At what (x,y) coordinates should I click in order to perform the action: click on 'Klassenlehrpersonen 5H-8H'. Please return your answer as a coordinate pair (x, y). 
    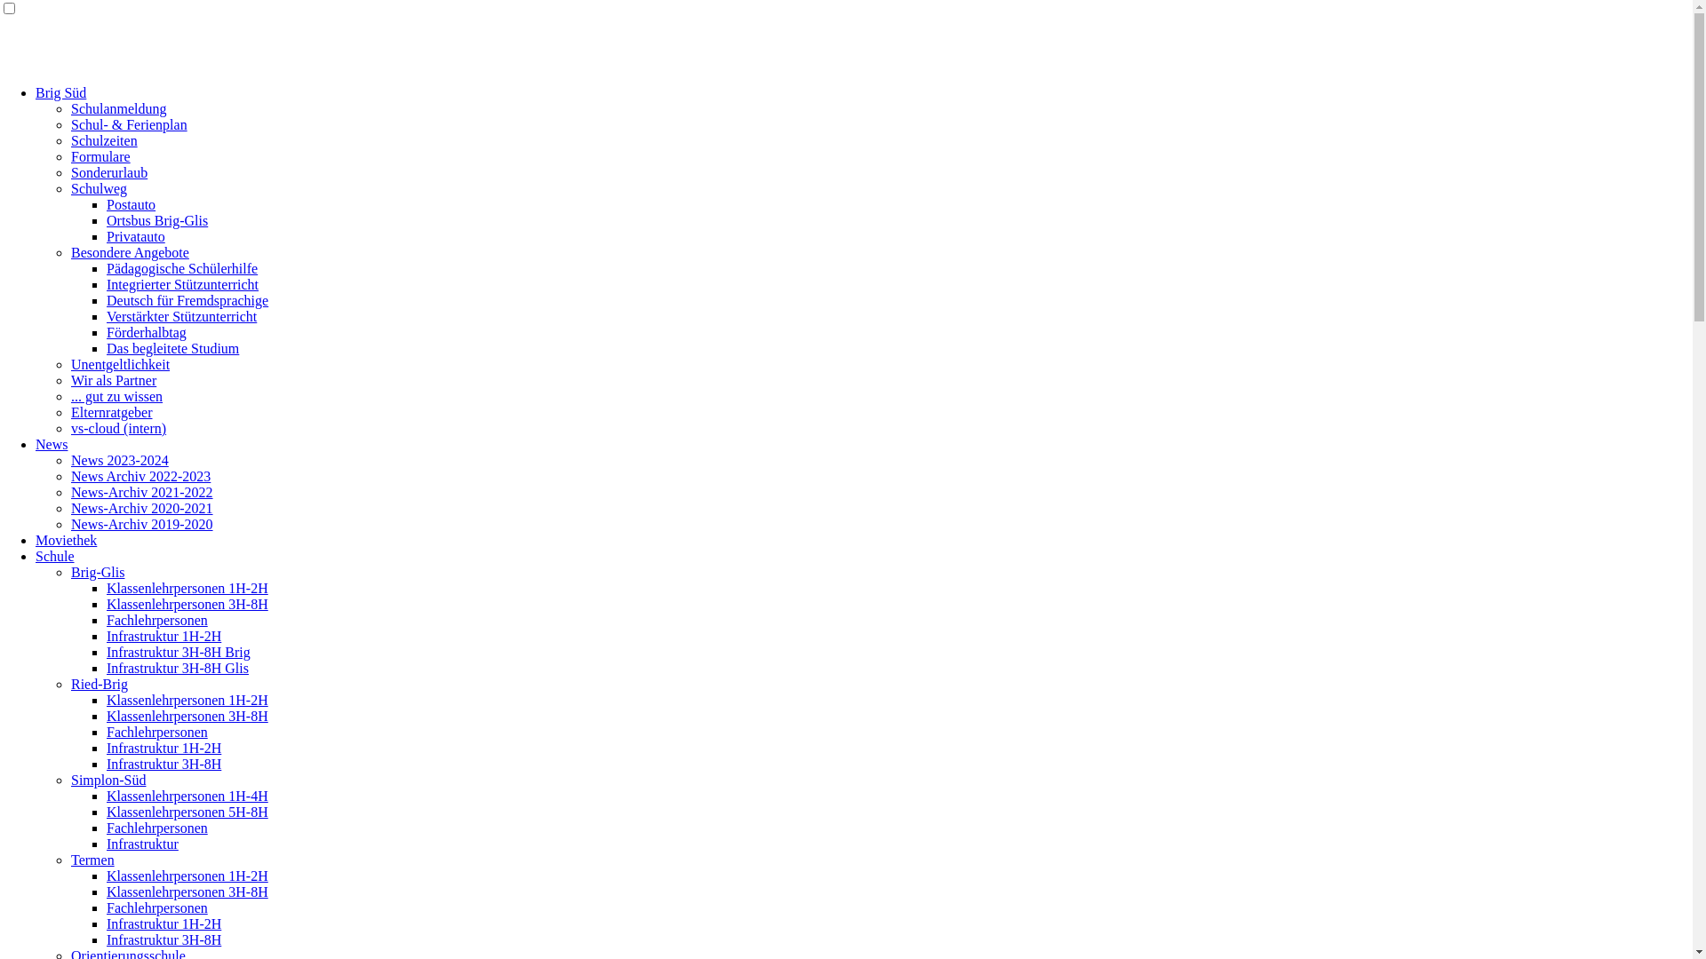
    Looking at the image, I should click on (106, 812).